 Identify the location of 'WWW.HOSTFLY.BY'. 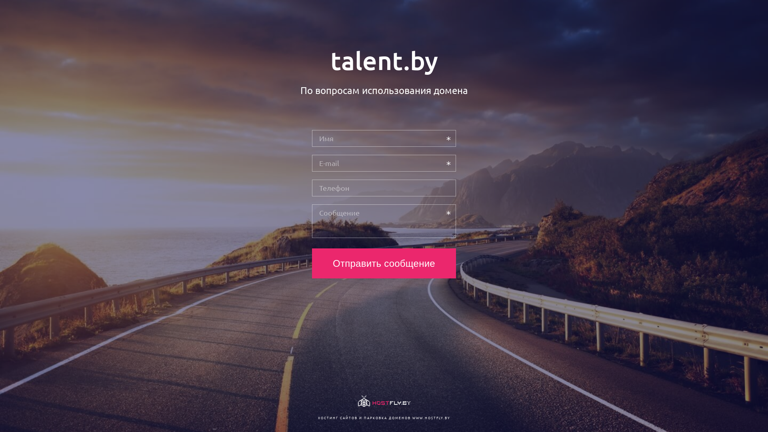
(430, 417).